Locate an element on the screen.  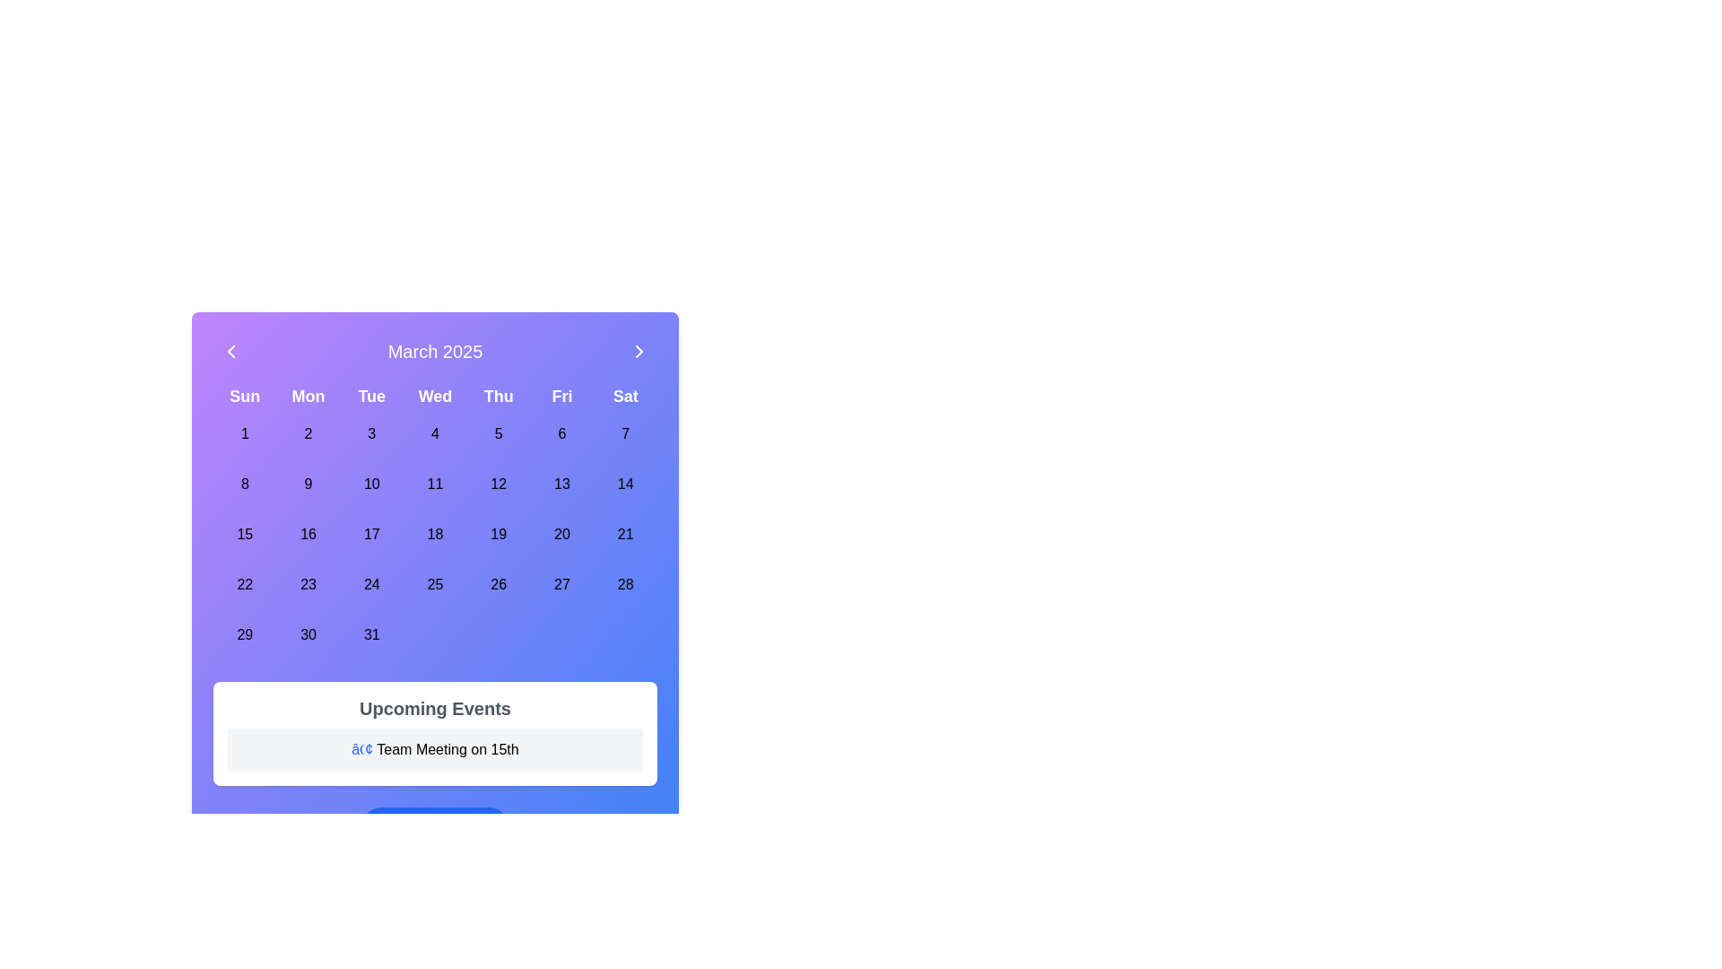
the button that allows users to select the specific day of '19' in the fifth row and fourth column of the calendar interface is located at coordinates (499, 534).